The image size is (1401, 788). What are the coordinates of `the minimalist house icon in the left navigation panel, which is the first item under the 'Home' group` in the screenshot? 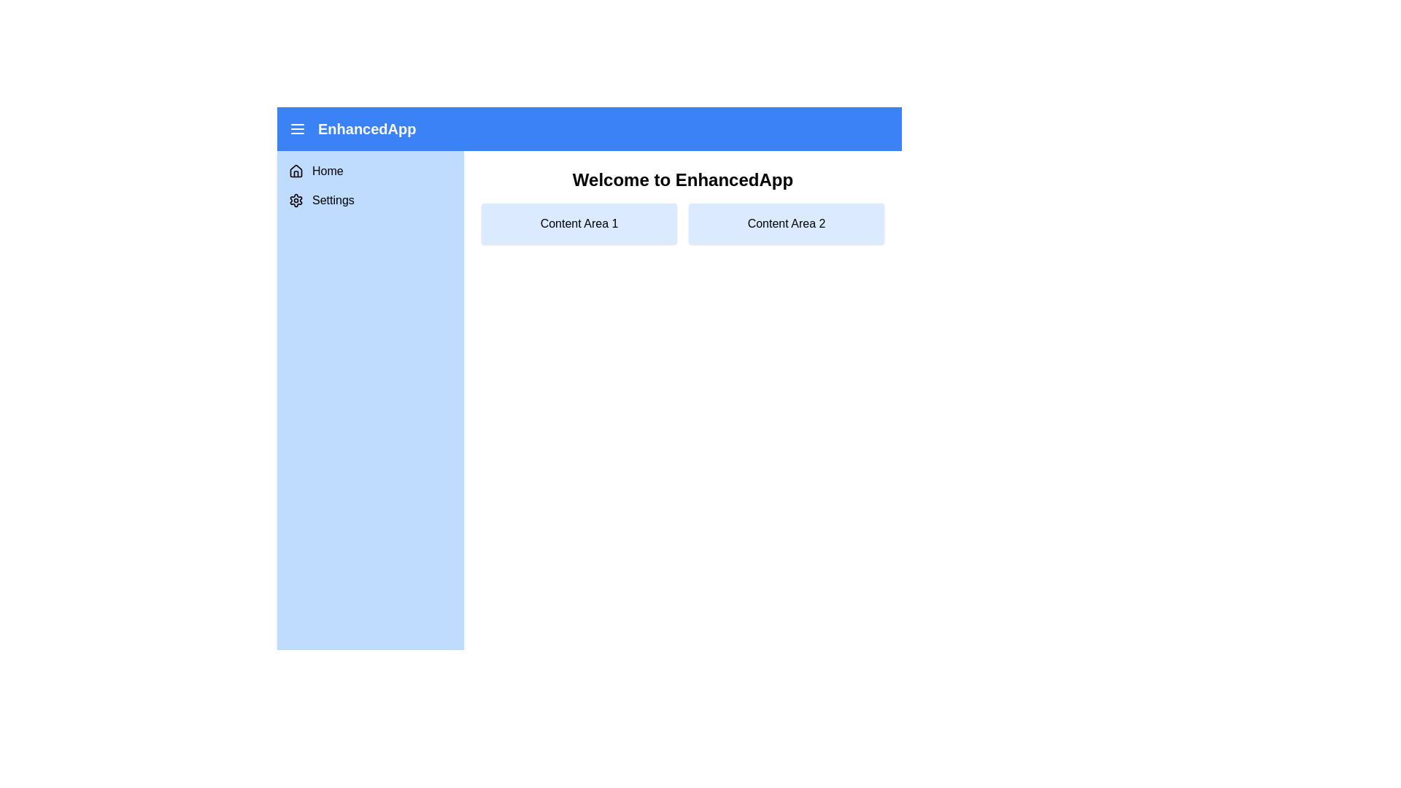 It's located at (296, 171).